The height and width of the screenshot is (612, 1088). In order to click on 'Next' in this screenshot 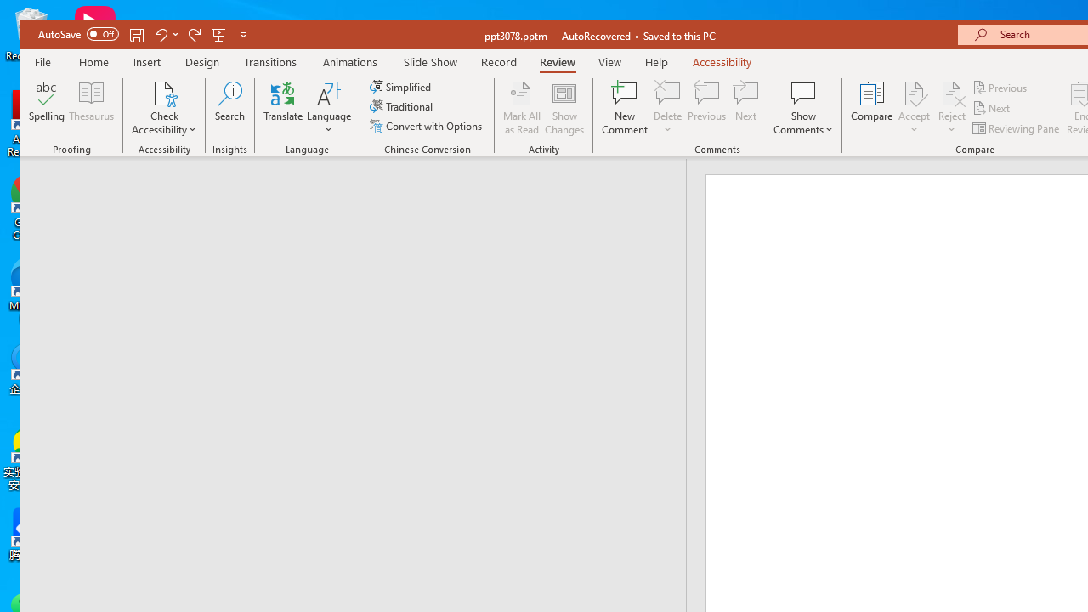, I will do `click(993, 108)`.